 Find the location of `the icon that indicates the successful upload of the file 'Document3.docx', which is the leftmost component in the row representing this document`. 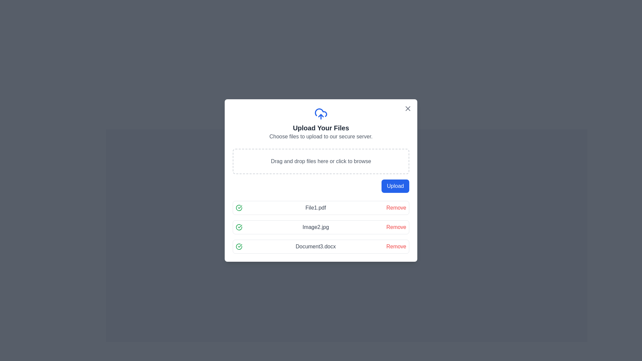

the icon that indicates the successful upload of the file 'Document3.docx', which is the leftmost component in the row representing this document is located at coordinates (239, 246).